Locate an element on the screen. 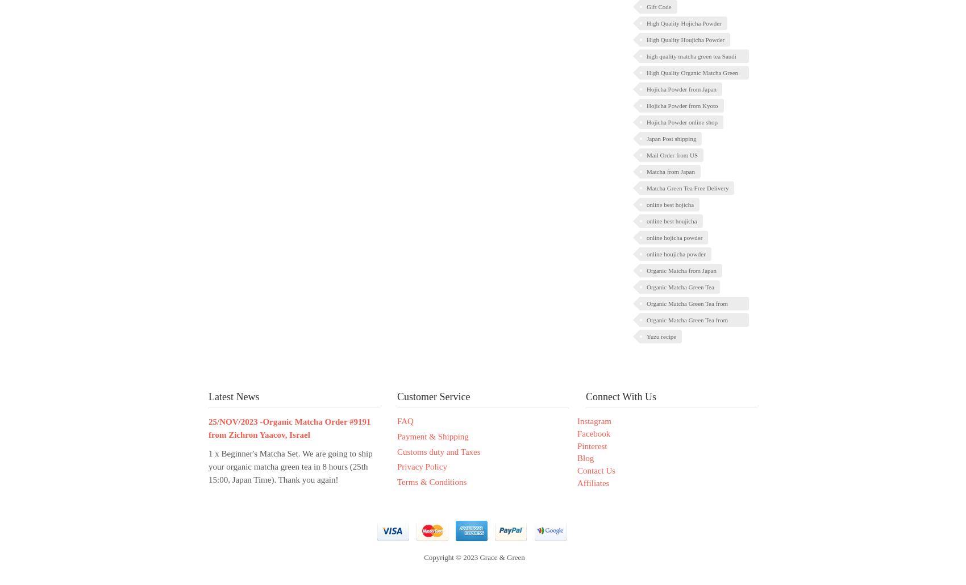 This screenshot has width=966, height=585. 'Customs duty and Taxes' is located at coordinates (438, 451).